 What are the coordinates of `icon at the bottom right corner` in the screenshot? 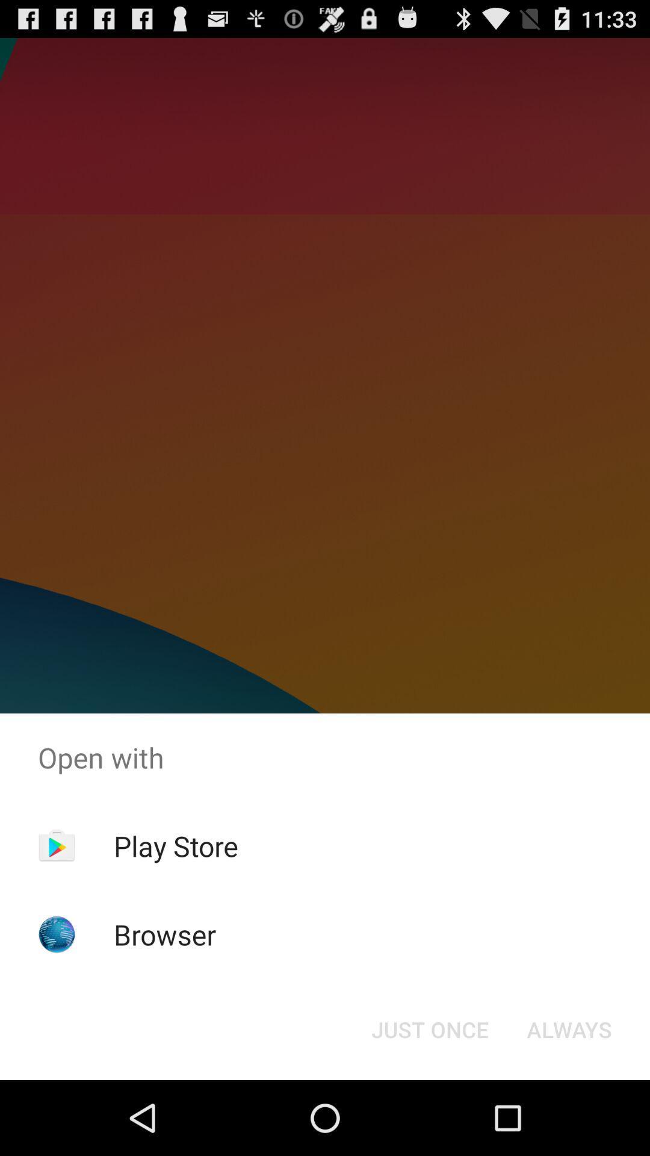 It's located at (569, 1028).